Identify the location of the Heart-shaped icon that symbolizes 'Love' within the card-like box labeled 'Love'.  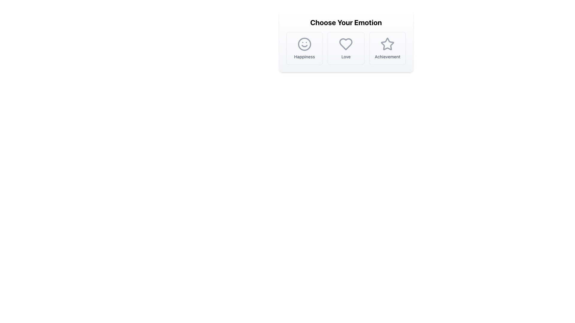
(346, 44).